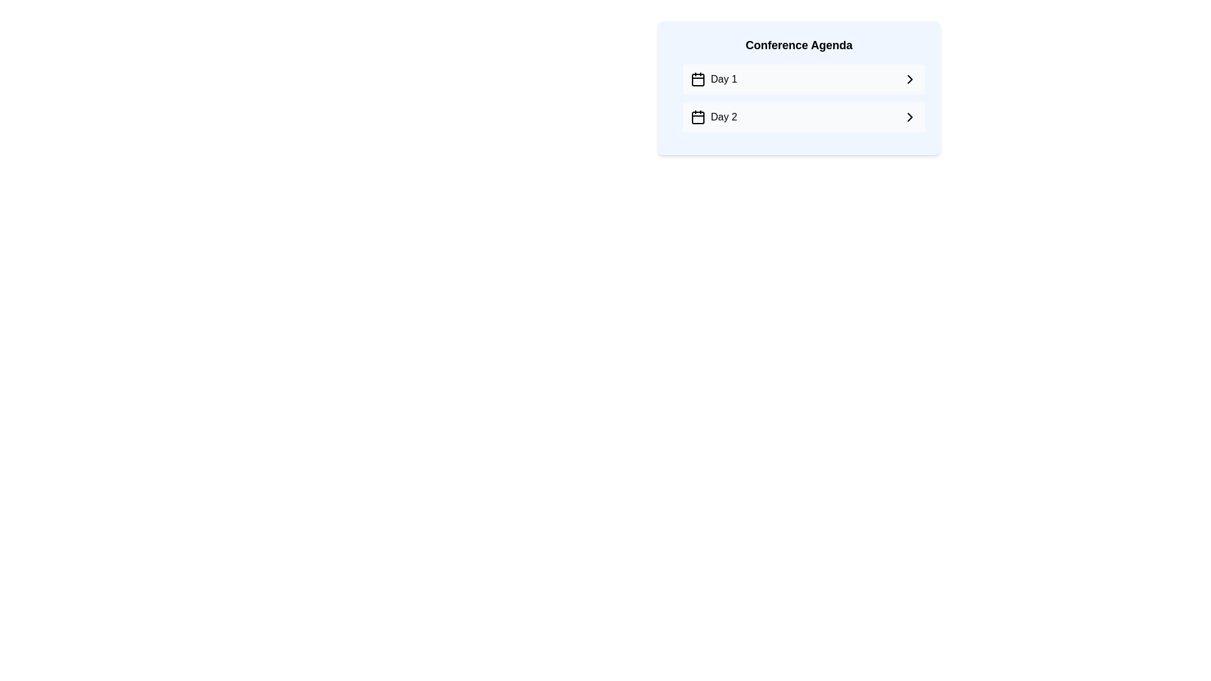  Describe the element at coordinates (910, 117) in the screenshot. I see `the right-facing chevron arrow icon located in the row for 'Day 2'` at that location.